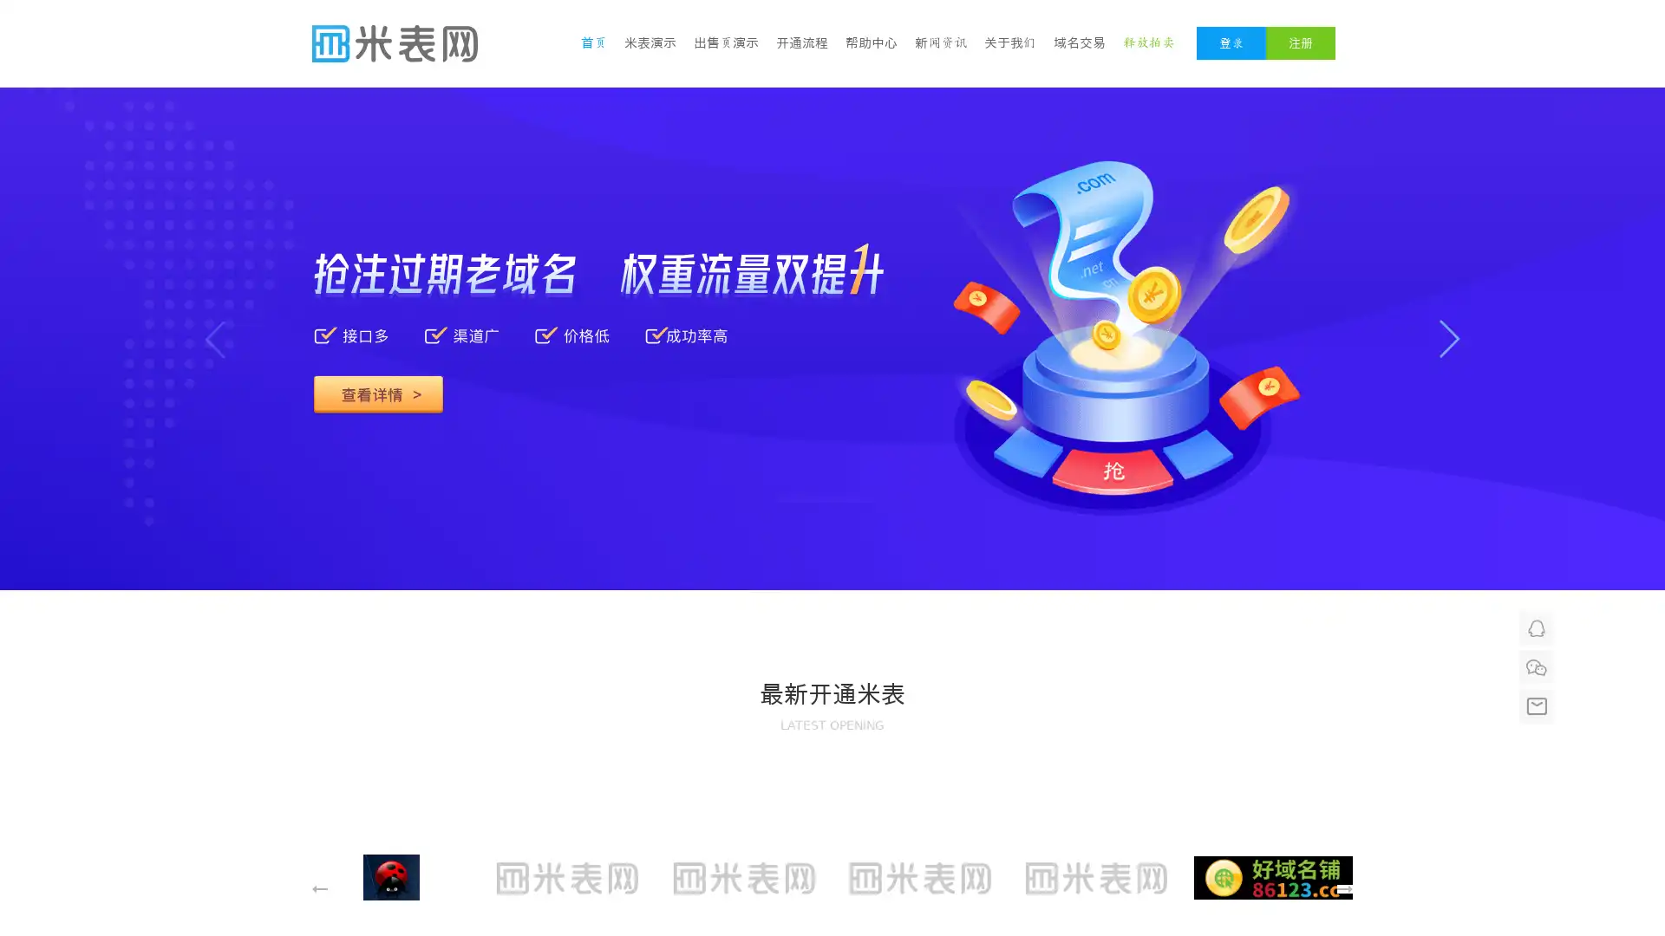  I want to click on Next slide, so click(1061, 589).